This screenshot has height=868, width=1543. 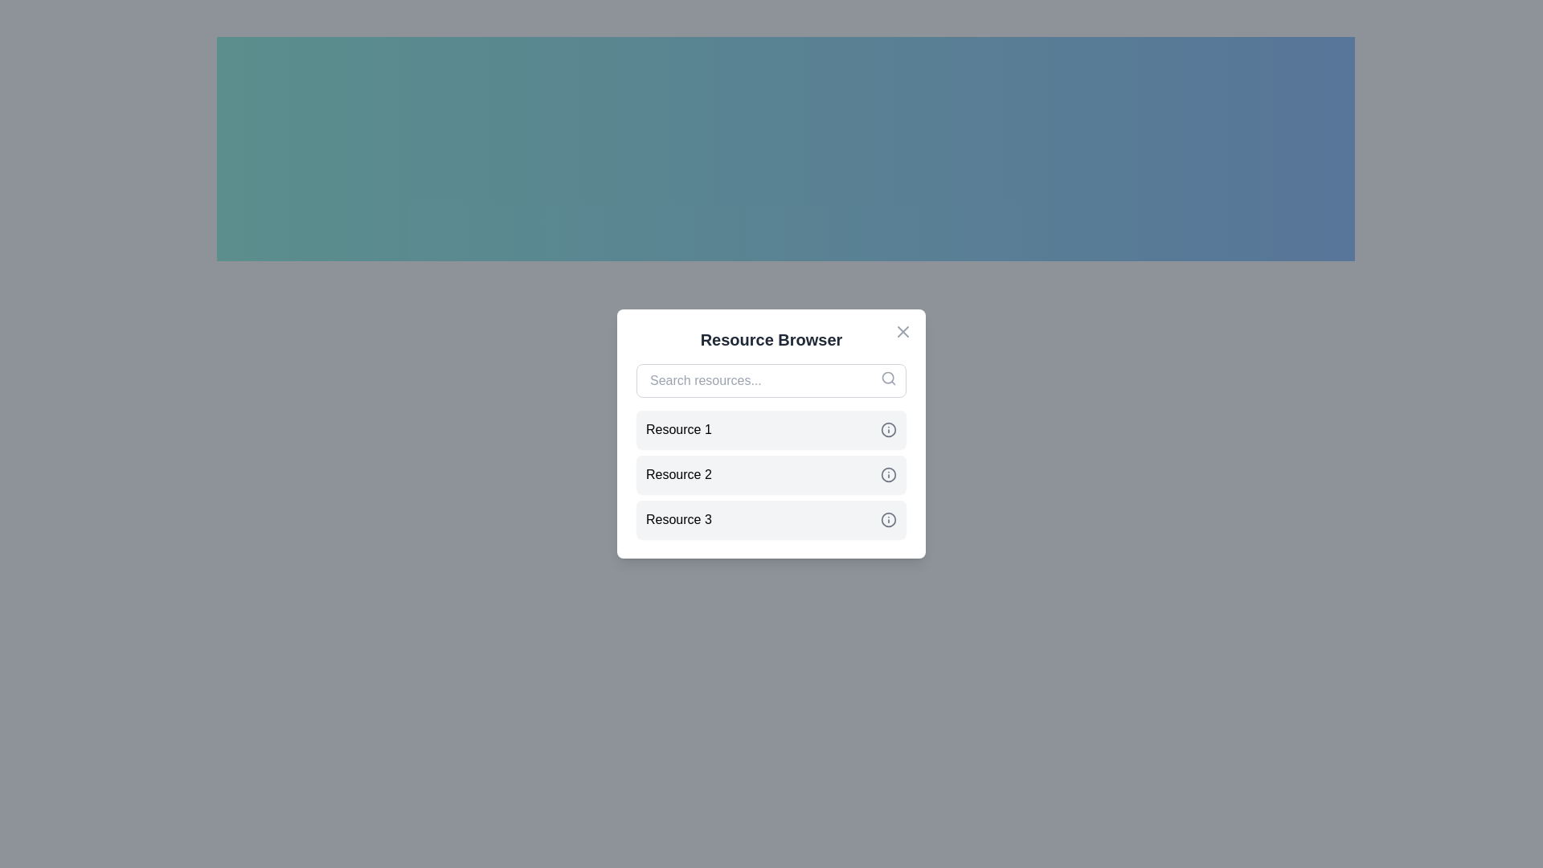 I want to click on the static text label 'Resource 2' which is the second entry in the vertical list within the 'Resource Browser' modal, so click(x=678, y=473).